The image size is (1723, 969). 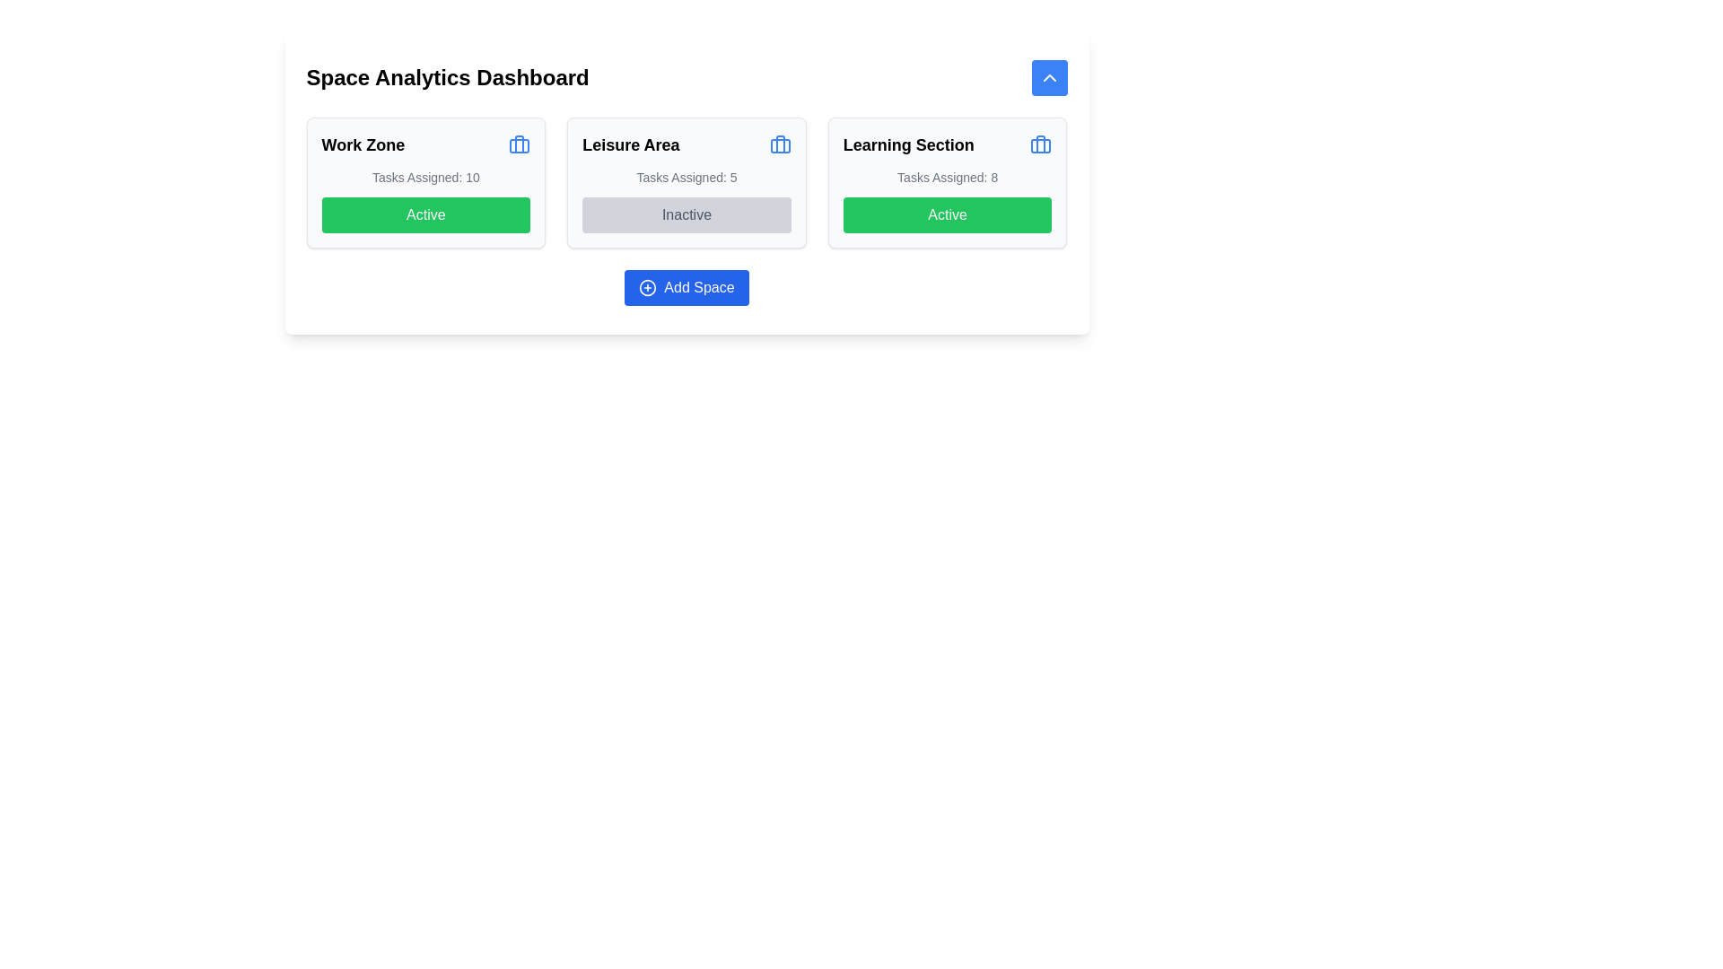 I want to click on the button located in the bottom section of the 'Leisure Area' card, so click(x=686, y=214).